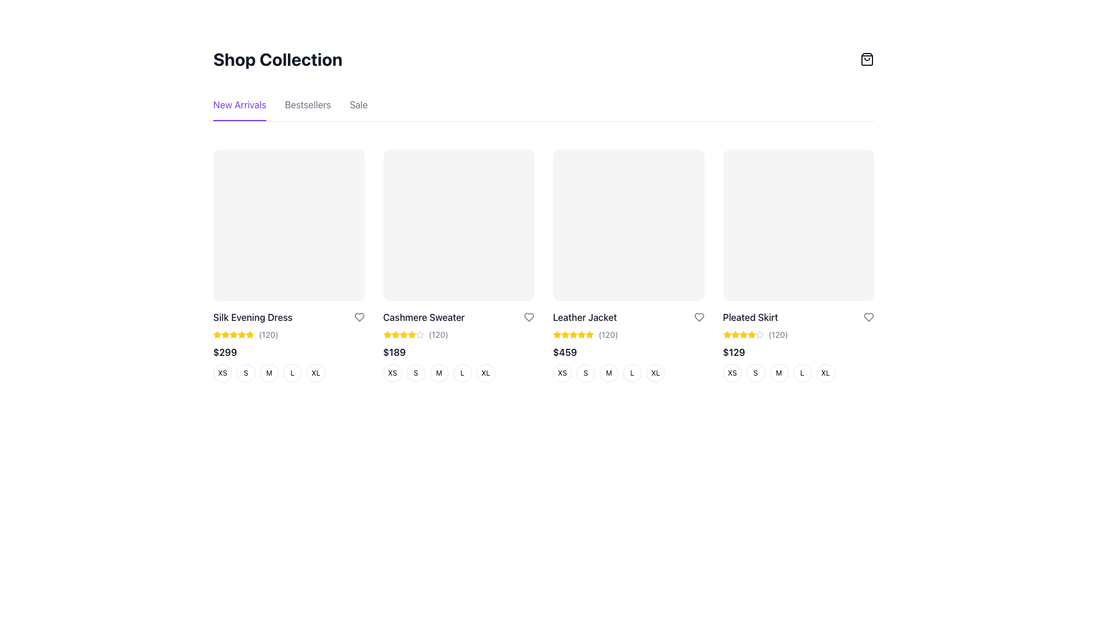 The width and height of the screenshot is (1119, 629). Describe the element at coordinates (245, 373) in the screenshot. I see `the 'S' size option button for the Silk Evening Dress` at that location.